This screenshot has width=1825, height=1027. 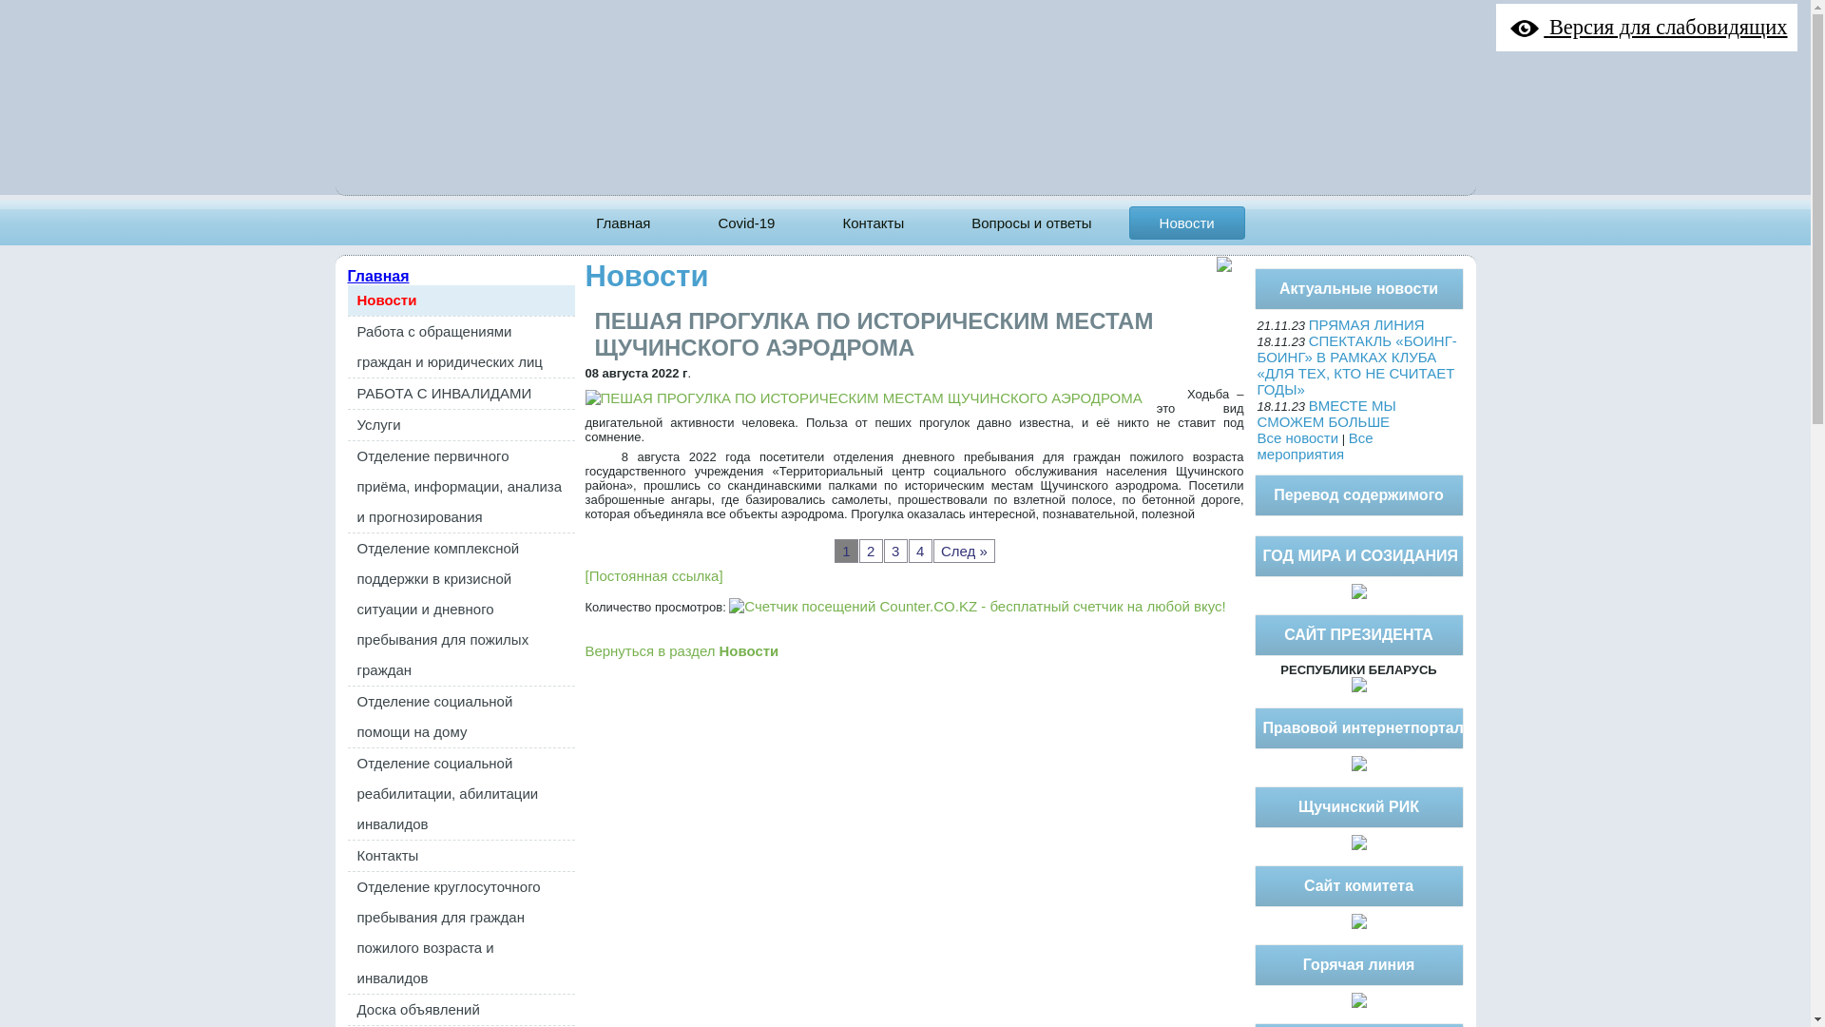 I want to click on '4', so click(x=920, y=551).